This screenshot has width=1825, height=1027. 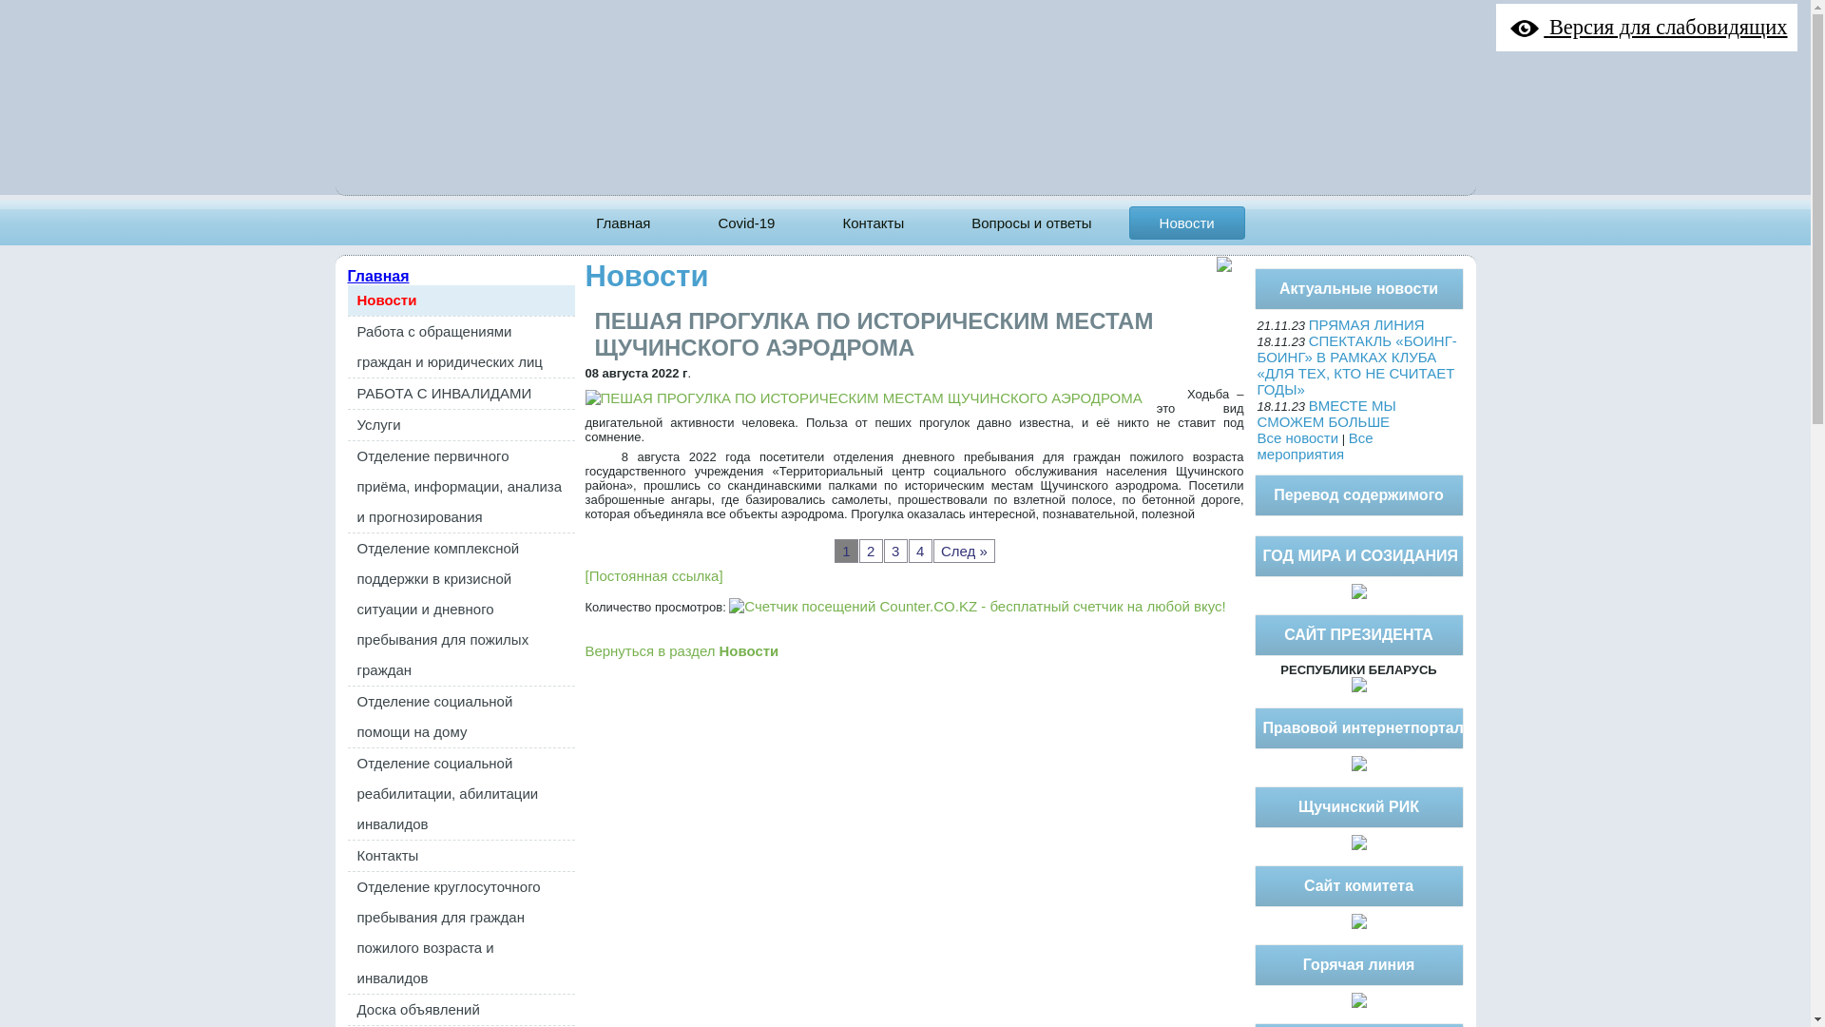 I want to click on '4', so click(x=920, y=551).